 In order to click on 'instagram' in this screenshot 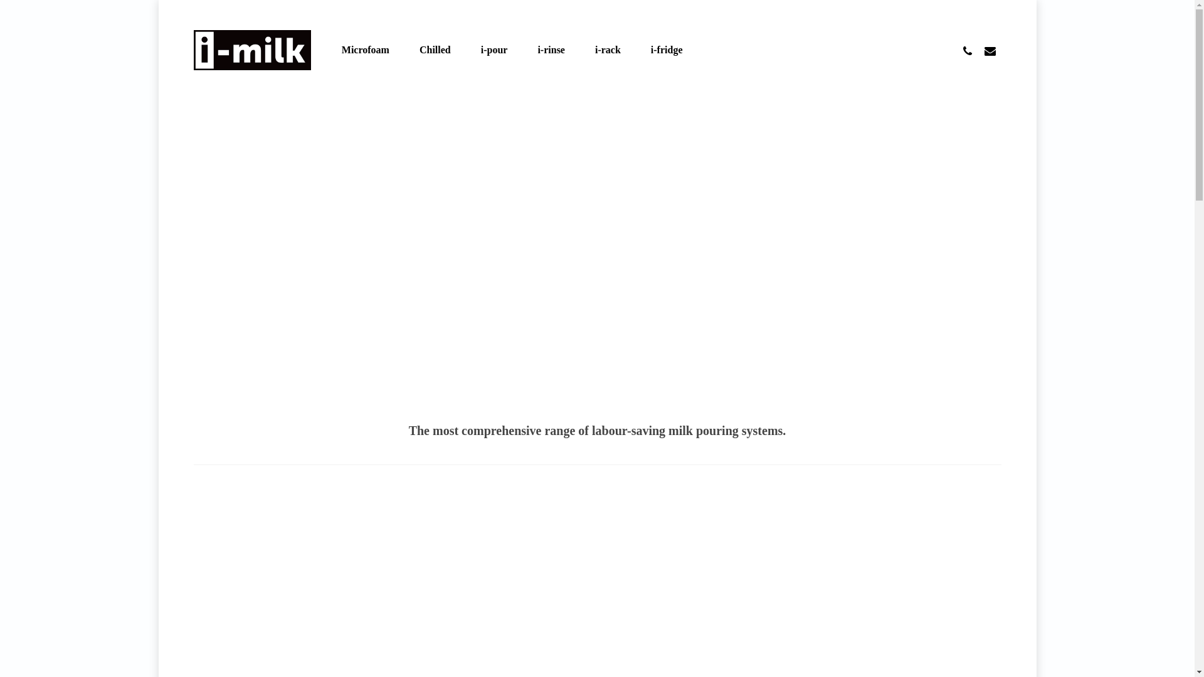, I will do `click(995, 654)`.